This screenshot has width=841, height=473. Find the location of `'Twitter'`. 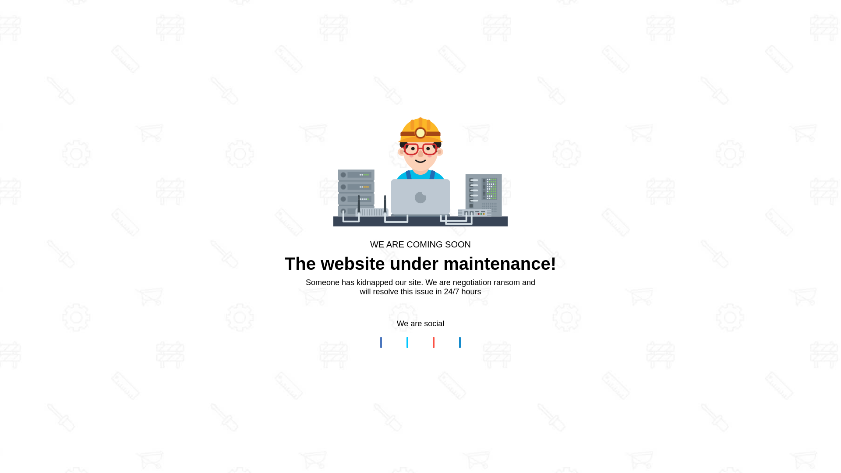

'Twitter' is located at coordinates (398, 342).